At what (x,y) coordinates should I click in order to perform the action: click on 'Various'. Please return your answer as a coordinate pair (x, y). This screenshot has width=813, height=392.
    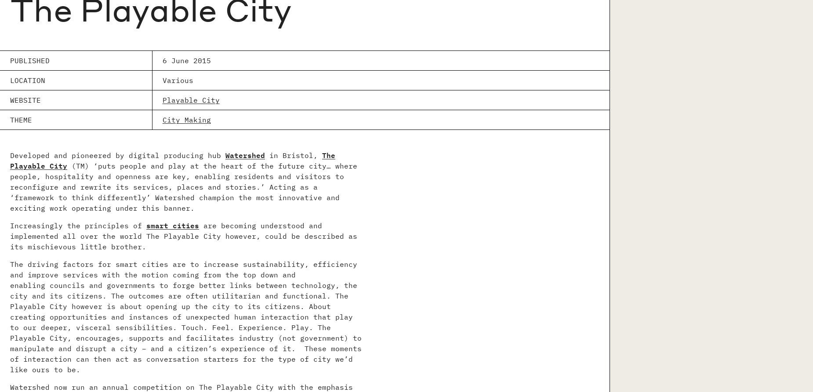
    Looking at the image, I should click on (177, 79).